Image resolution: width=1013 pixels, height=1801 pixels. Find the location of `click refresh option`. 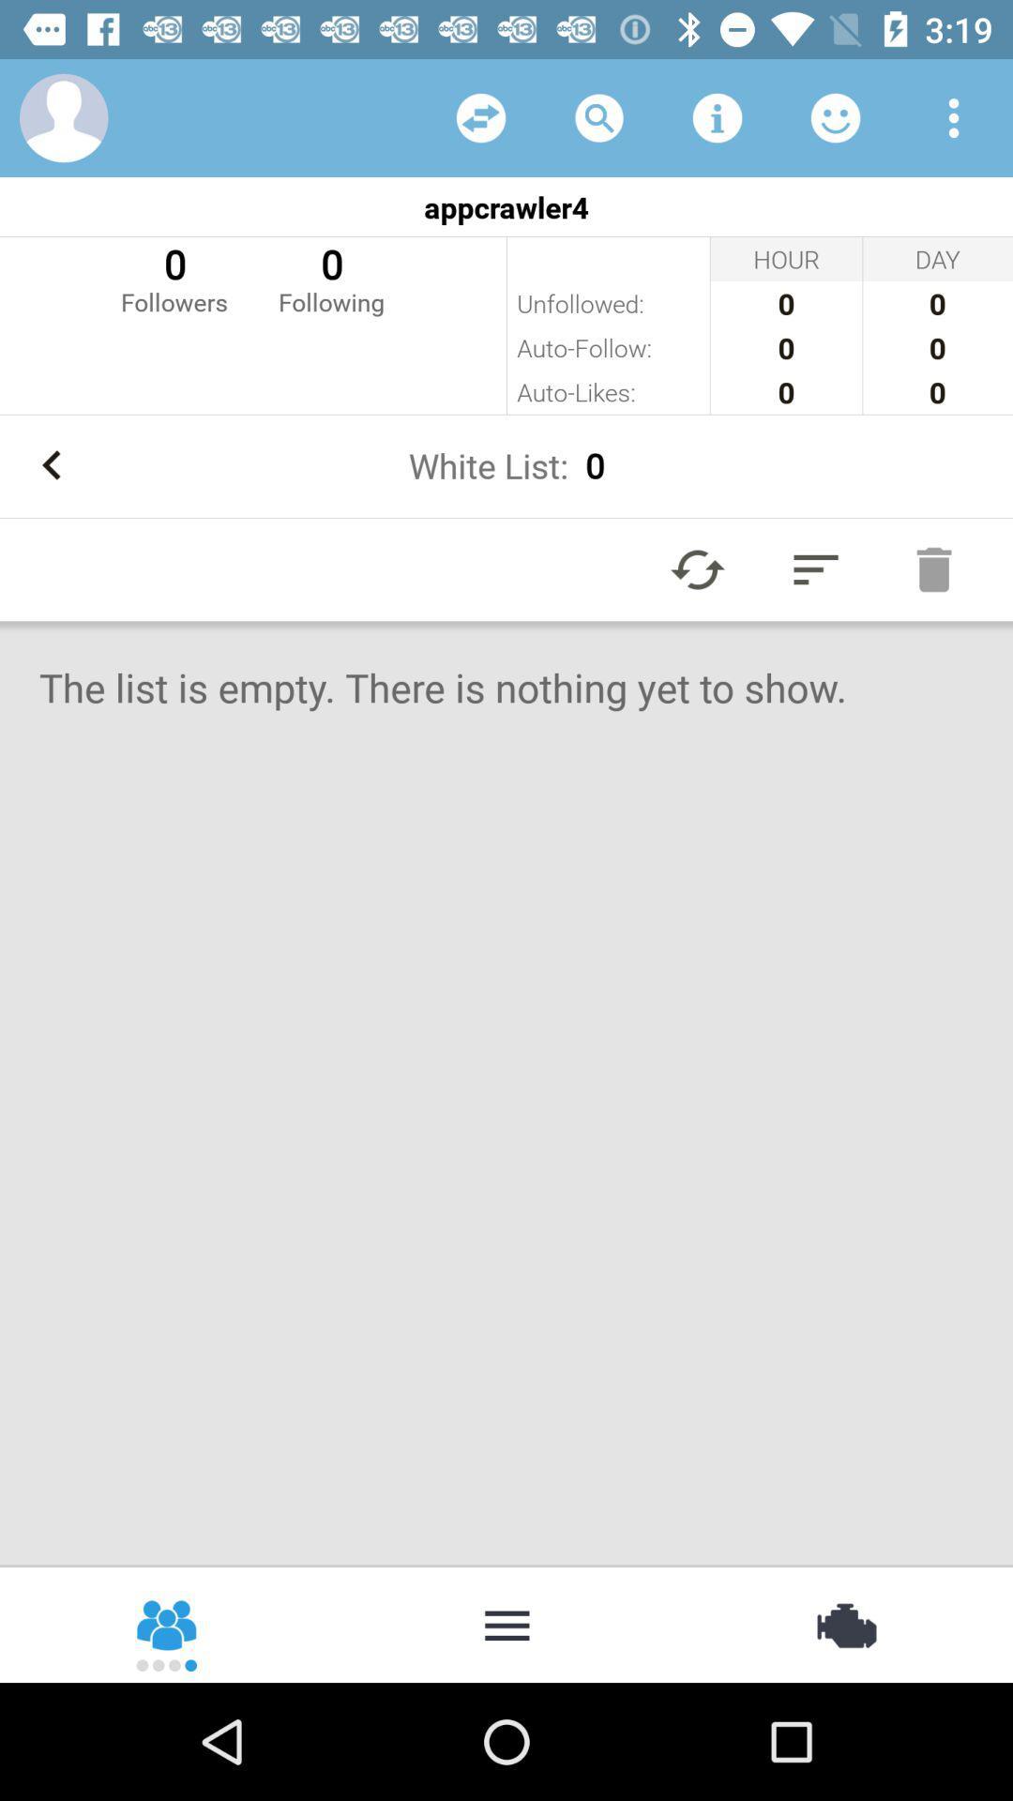

click refresh option is located at coordinates (480, 116).